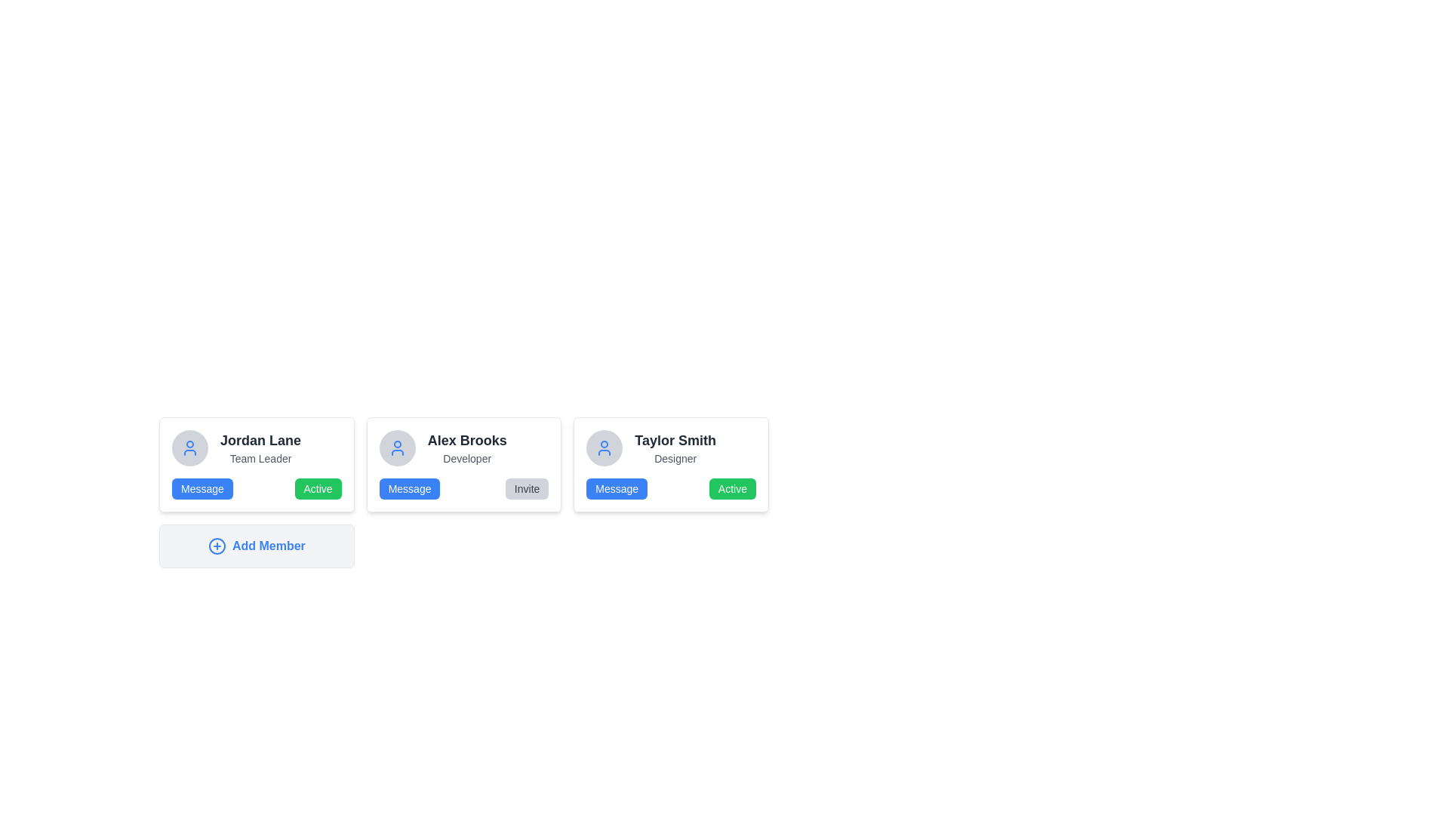 The width and height of the screenshot is (1449, 815). What do you see at coordinates (189, 447) in the screenshot?
I see `the user icon representing the 'Jordan Lane' profile card located in the top-left corner of the first profile card labeled 'Jordan Lane, Team Leader'` at bounding box center [189, 447].